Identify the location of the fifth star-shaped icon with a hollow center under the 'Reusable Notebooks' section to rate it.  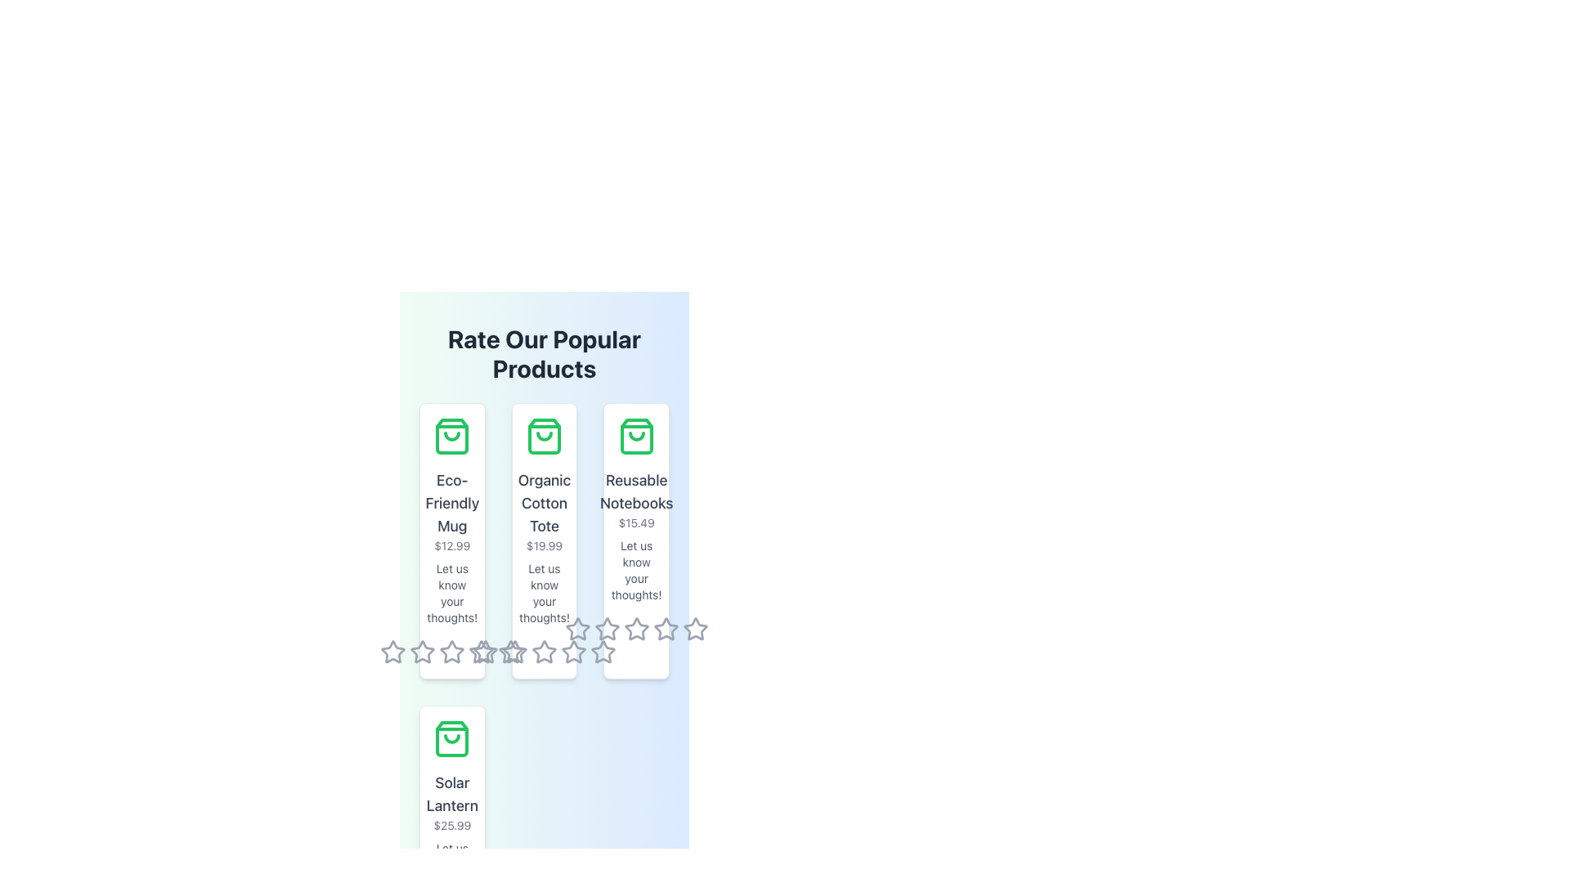
(666, 629).